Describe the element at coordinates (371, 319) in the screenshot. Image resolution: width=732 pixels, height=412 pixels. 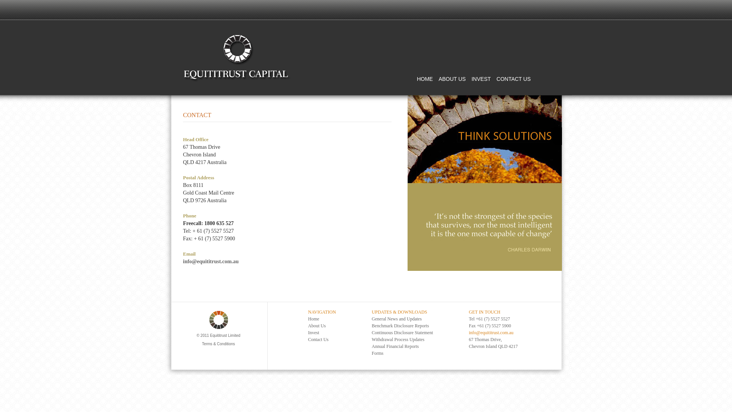
I see `'General News and Updates'` at that location.